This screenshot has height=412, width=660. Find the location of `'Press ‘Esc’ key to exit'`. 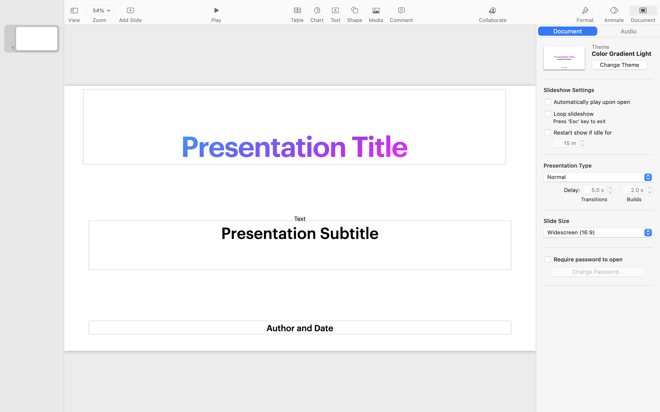

'Press ‘Esc’ key to exit' is located at coordinates (579, 121).